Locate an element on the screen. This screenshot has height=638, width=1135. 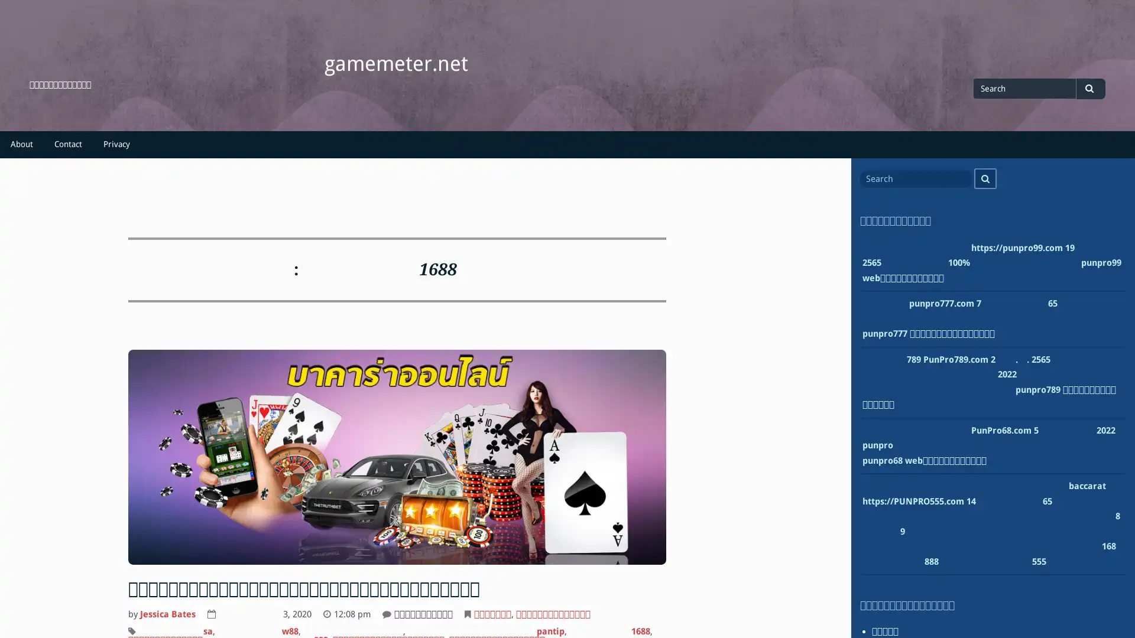
Search is located at coordinates (985, 178).